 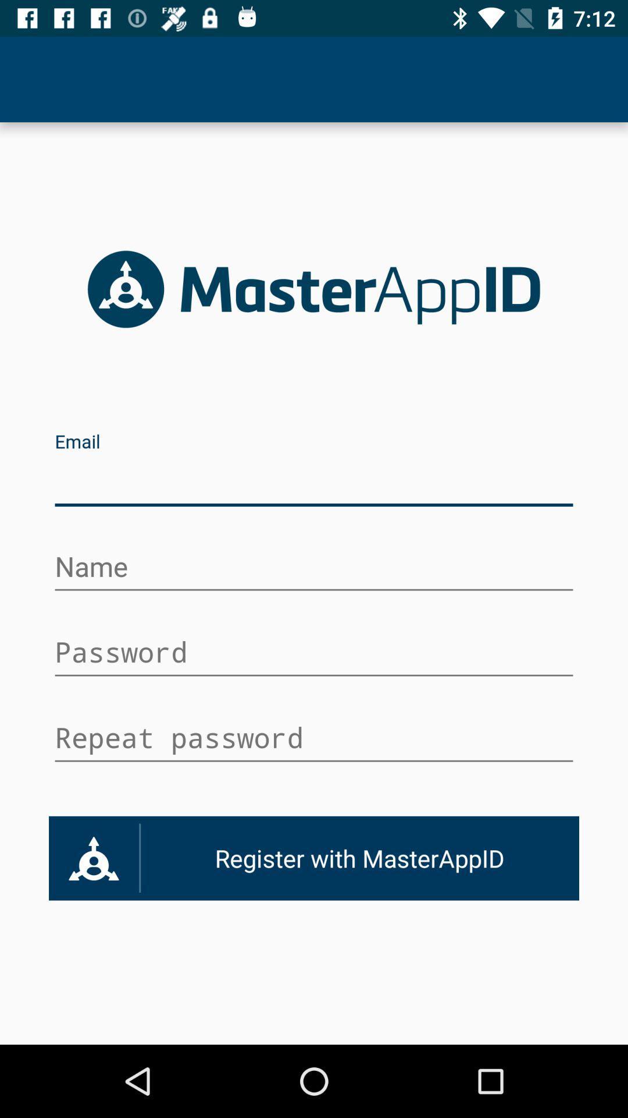 What do you see at coordinates (314, 738) in the screenshot?
I see `password again` at bounding box center [314, 738].